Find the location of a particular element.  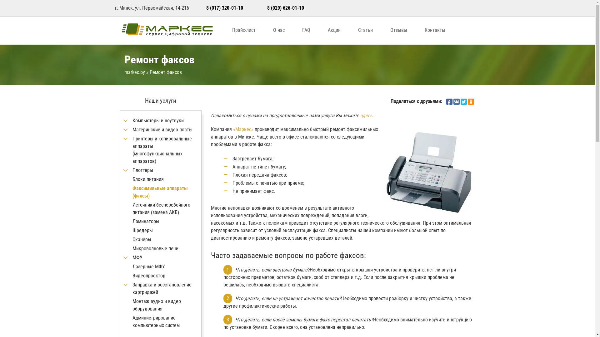

'FAQ' is located at coordinates (306, 30).